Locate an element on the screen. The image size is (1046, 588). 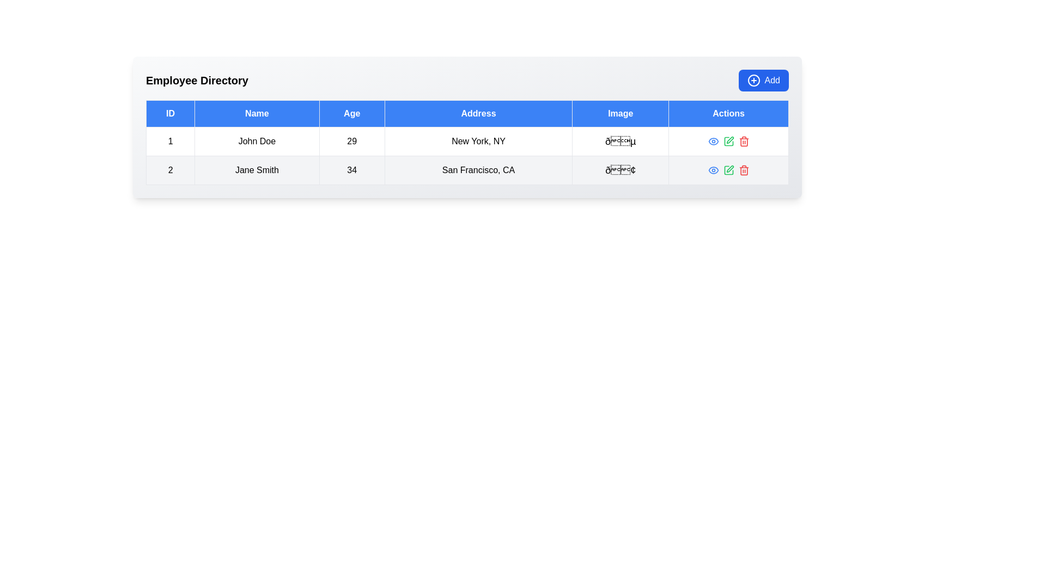
content 'John Doe' from the text label in the second column of the first data row in the table, which signifies the name of the individual is located at coordinates (256, 140).